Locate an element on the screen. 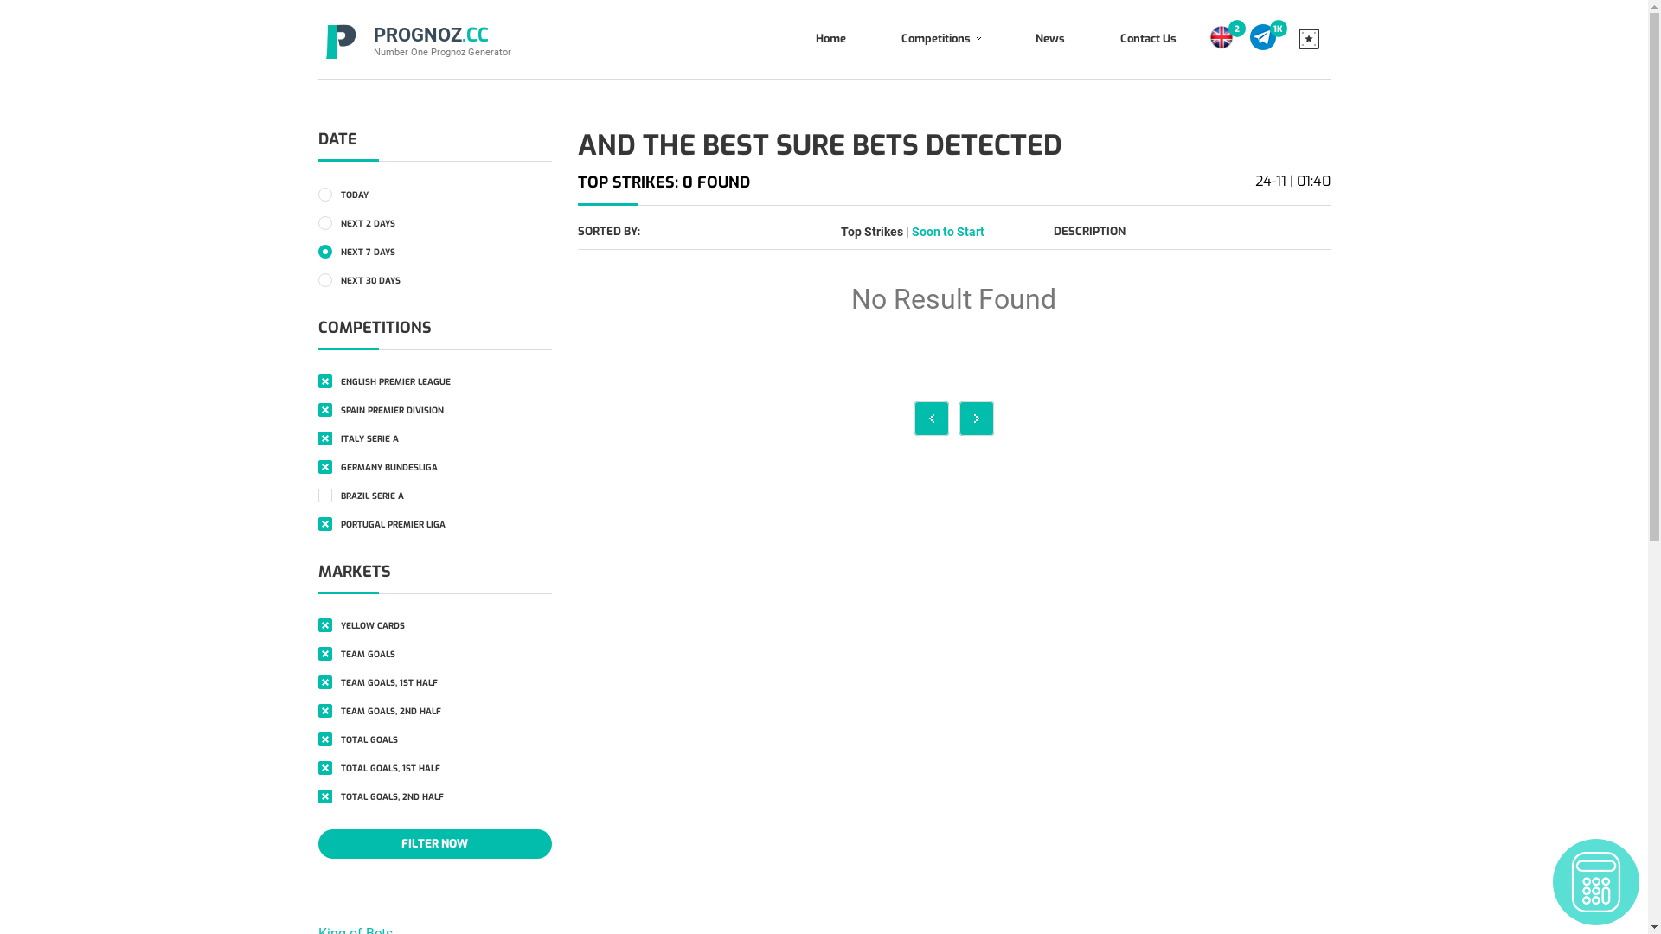 The height and width of the screenshot is (934, 1661). 'FILTER NOW' is located at coordinates (435, 842).